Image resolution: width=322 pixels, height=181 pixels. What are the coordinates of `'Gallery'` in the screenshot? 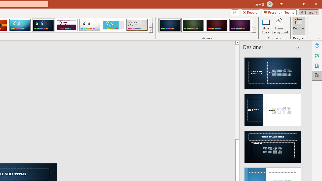 It's located at (137, 25).